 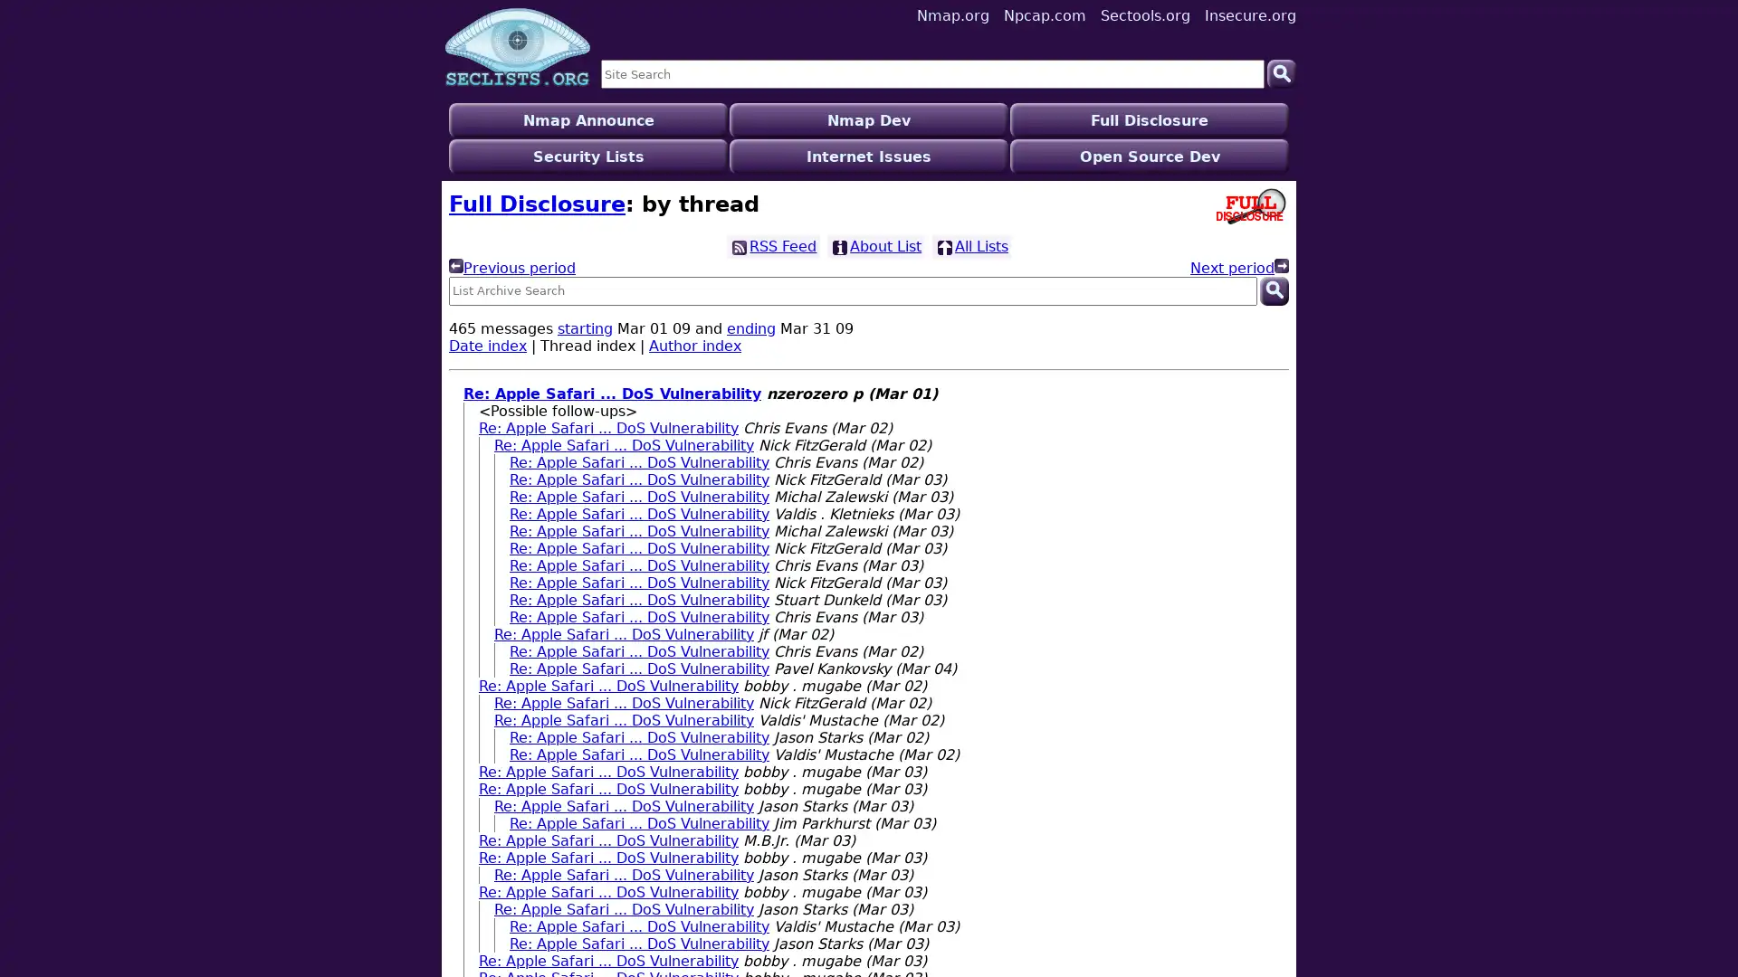 What do you see at coordinates (1273, 254) in the screenshot?
I see `Search` at bounding box center [1273, 254].